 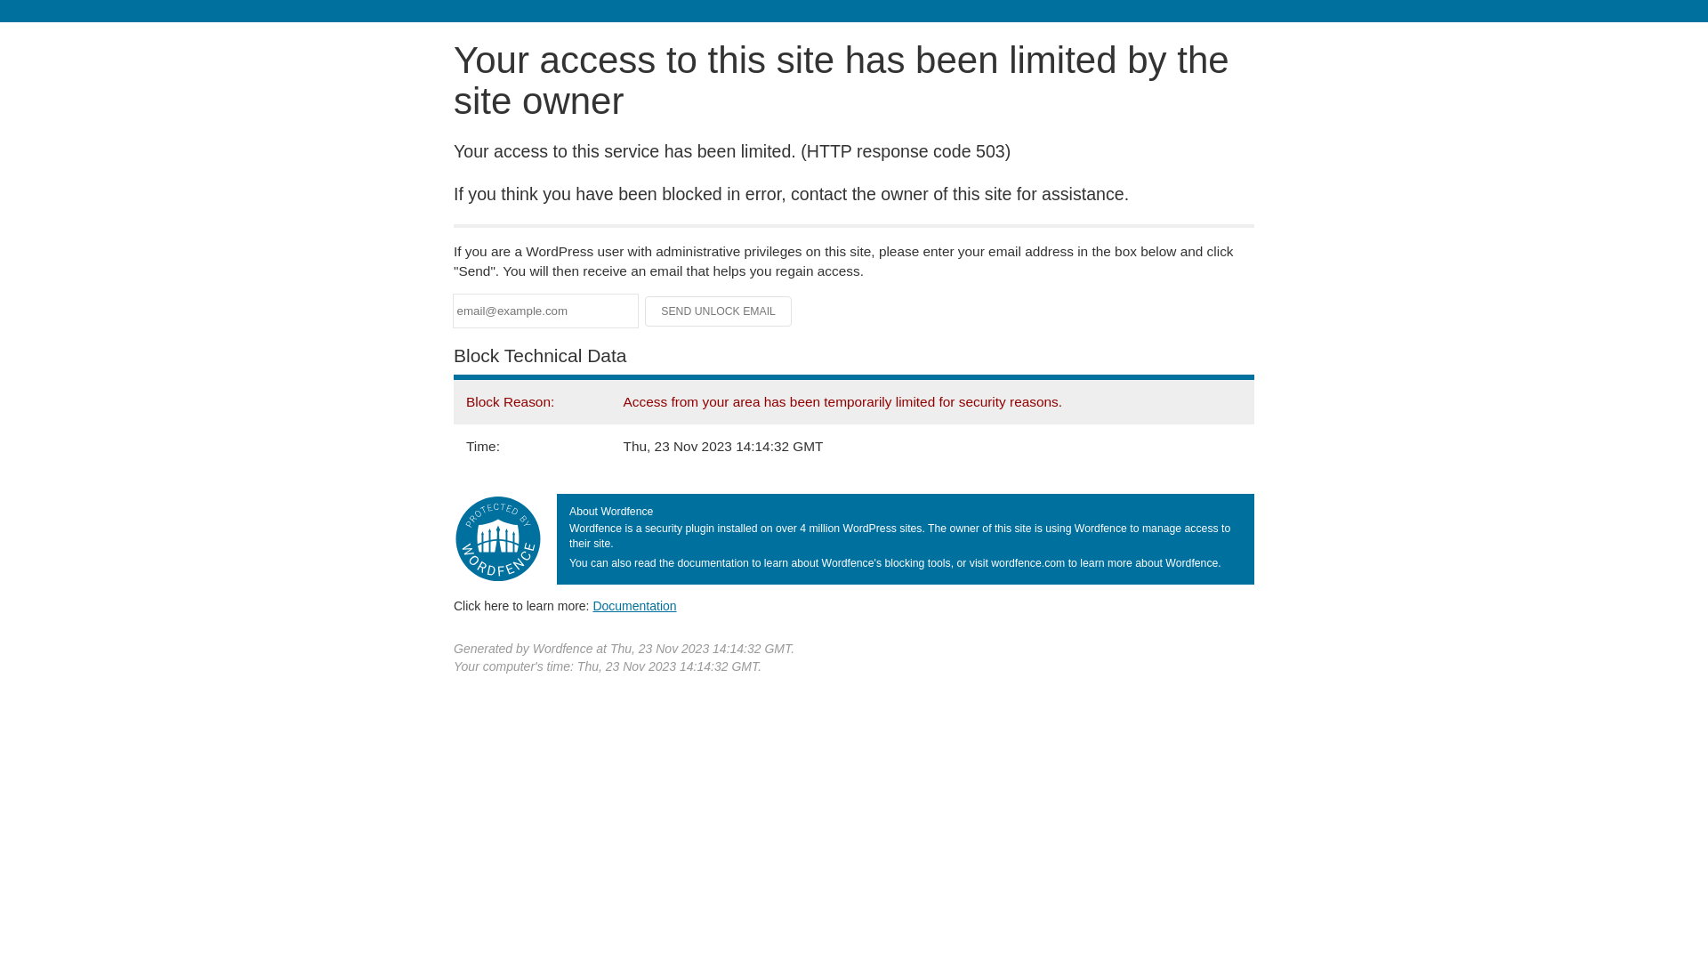 What do you see at coordinates (718, 311) in the screenshot?
I see `'Send Unlock Email'` at bounding box center [718, 311].